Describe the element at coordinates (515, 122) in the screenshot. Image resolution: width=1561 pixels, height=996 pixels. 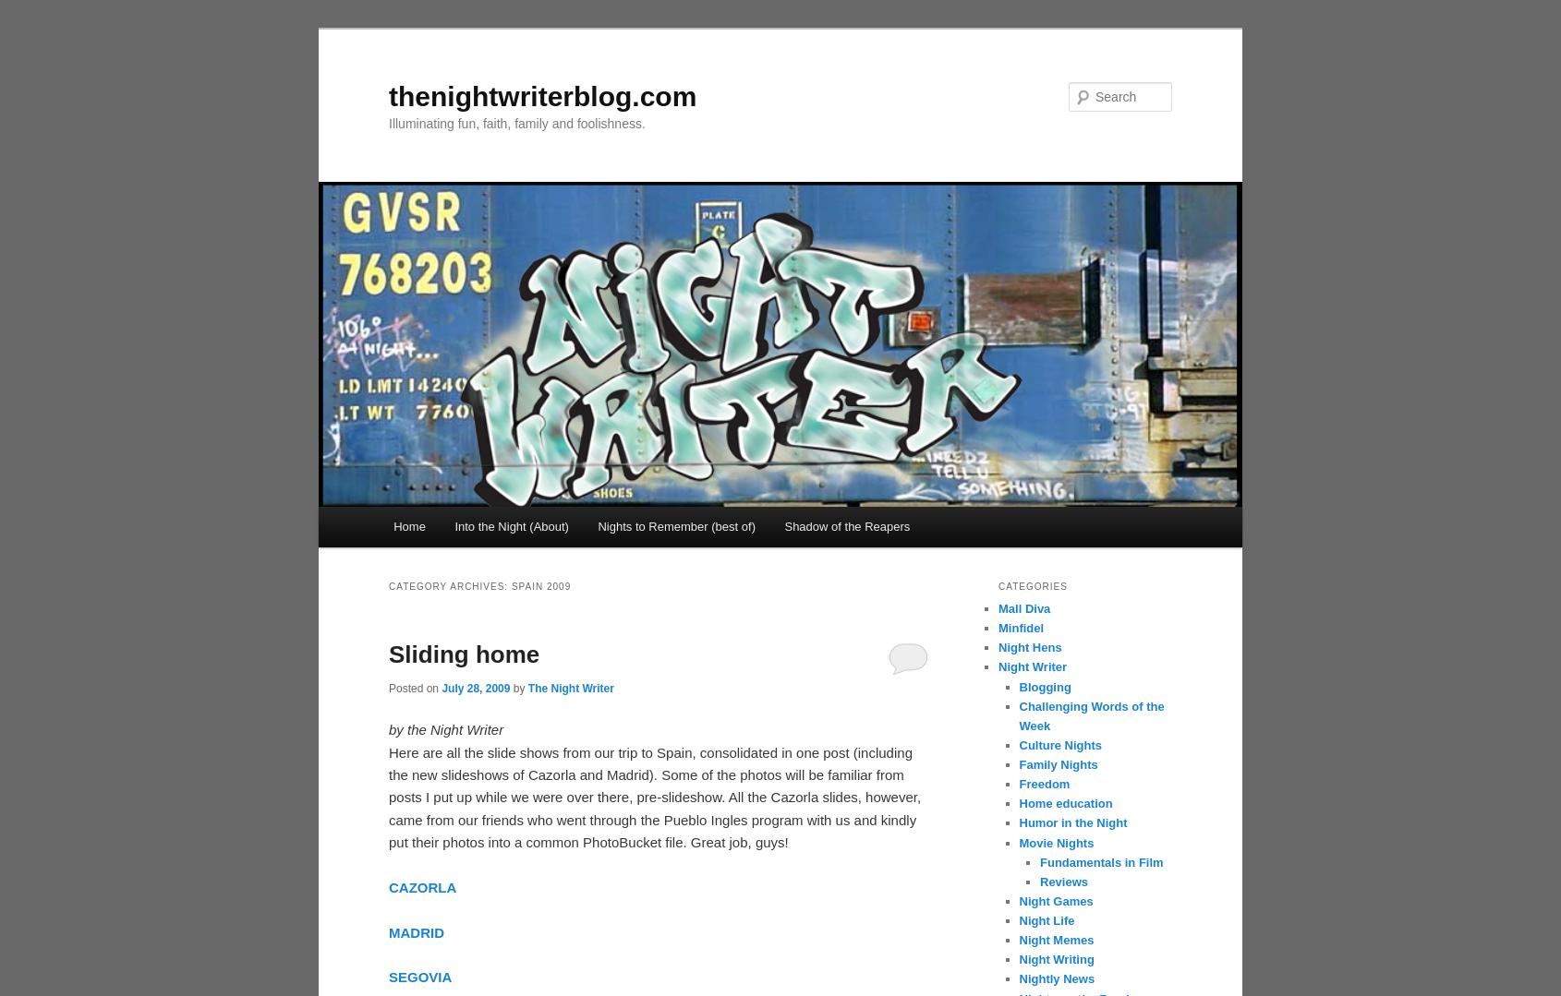
I see `'Illuminating fun, faith, family and foolishness.'` at that location.